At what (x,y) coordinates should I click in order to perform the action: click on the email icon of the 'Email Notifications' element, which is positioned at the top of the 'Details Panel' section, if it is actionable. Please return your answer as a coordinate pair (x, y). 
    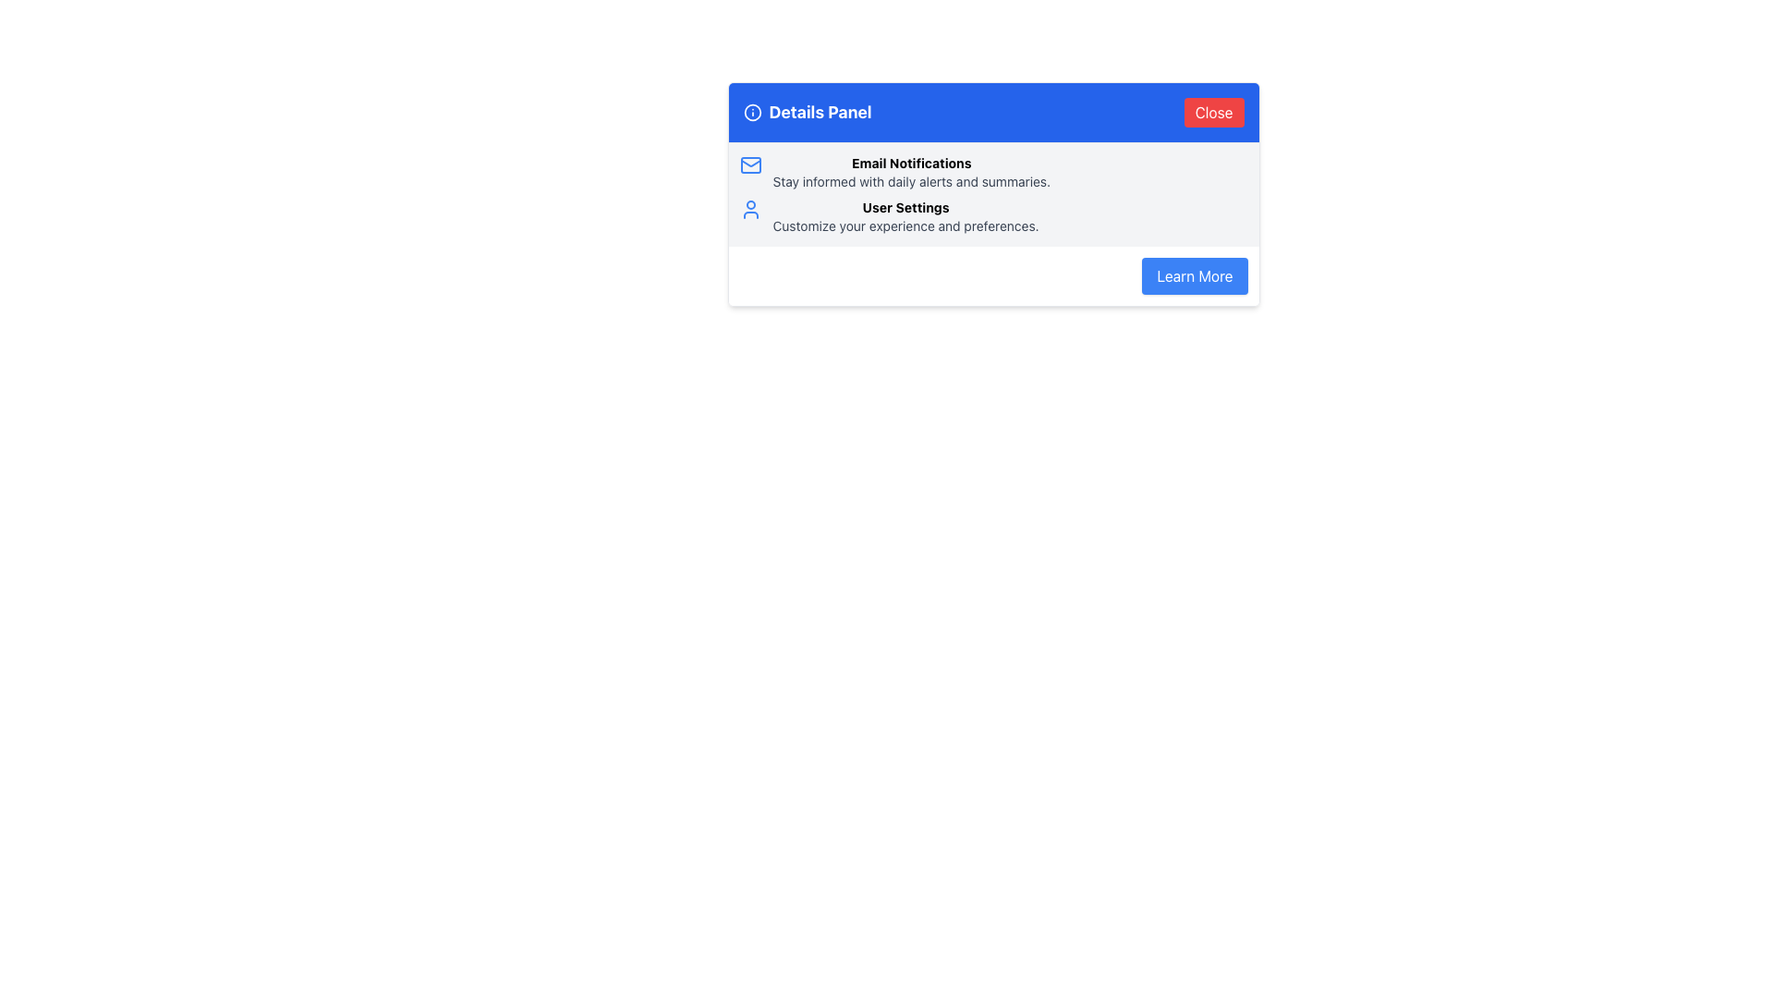
    Looking at the image, I should click on (992, 172).